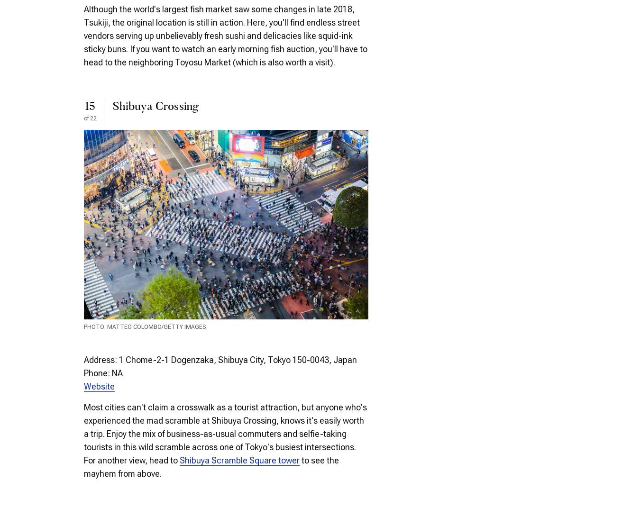 This screenshot has width=640, height=508. What do you see at coordinates (225, 36) in the screenshot?
I see `'Although the world's largest fish market saw some changes in late 2018, Tsukiji, the original location is still in action. Here, you'll find endless street vendors serving up unbelievably fresh sushi and delicacies like squid-ink sticky buns. If you want to watch an early morning fish auction, you'll have to head to the neighboring Toyosu Market (which is also worth a visit).'` at bounding box center [225, 36].